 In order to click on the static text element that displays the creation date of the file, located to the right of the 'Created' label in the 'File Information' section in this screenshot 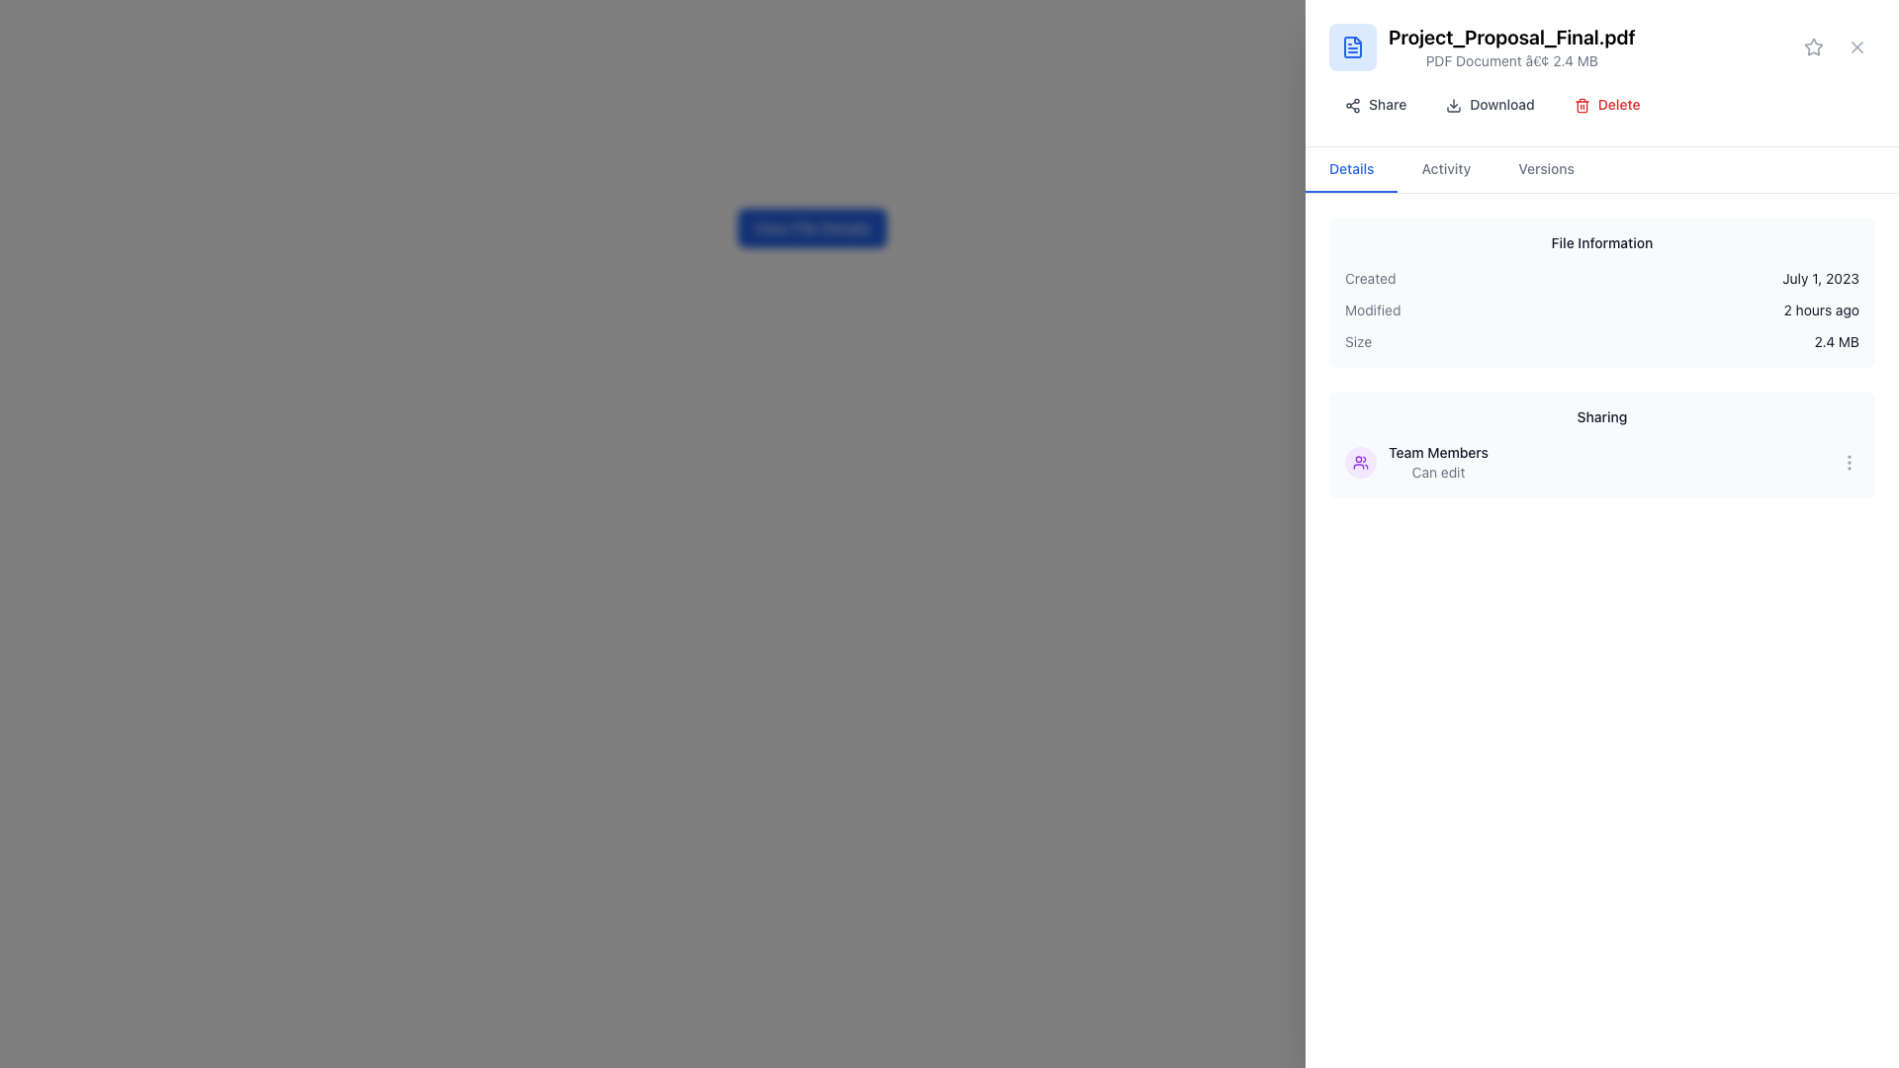, I will do `click(1820, 278)`.